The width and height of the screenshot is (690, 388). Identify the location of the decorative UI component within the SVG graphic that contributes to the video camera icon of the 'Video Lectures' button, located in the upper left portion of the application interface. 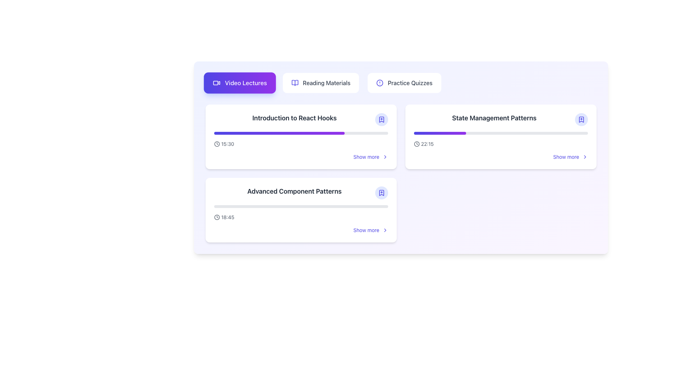
(215, 83).